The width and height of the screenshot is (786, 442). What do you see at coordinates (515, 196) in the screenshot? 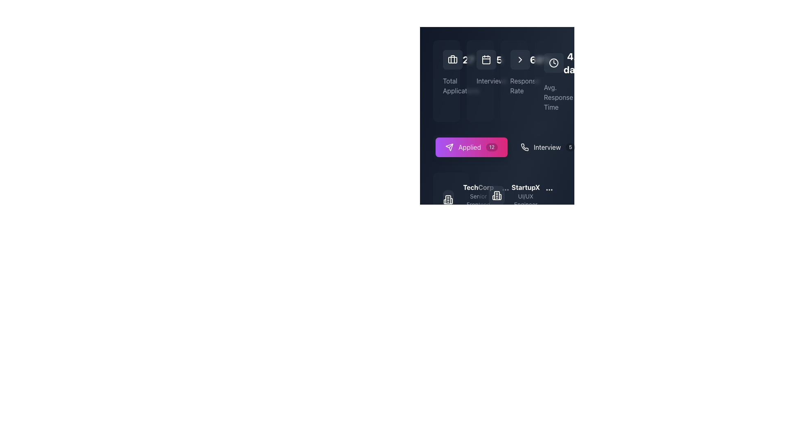
I see `the List item with the logo icon and text that reads 'StartupX' and 'UI/UX Engineer'` at bounding box center [515, 196].